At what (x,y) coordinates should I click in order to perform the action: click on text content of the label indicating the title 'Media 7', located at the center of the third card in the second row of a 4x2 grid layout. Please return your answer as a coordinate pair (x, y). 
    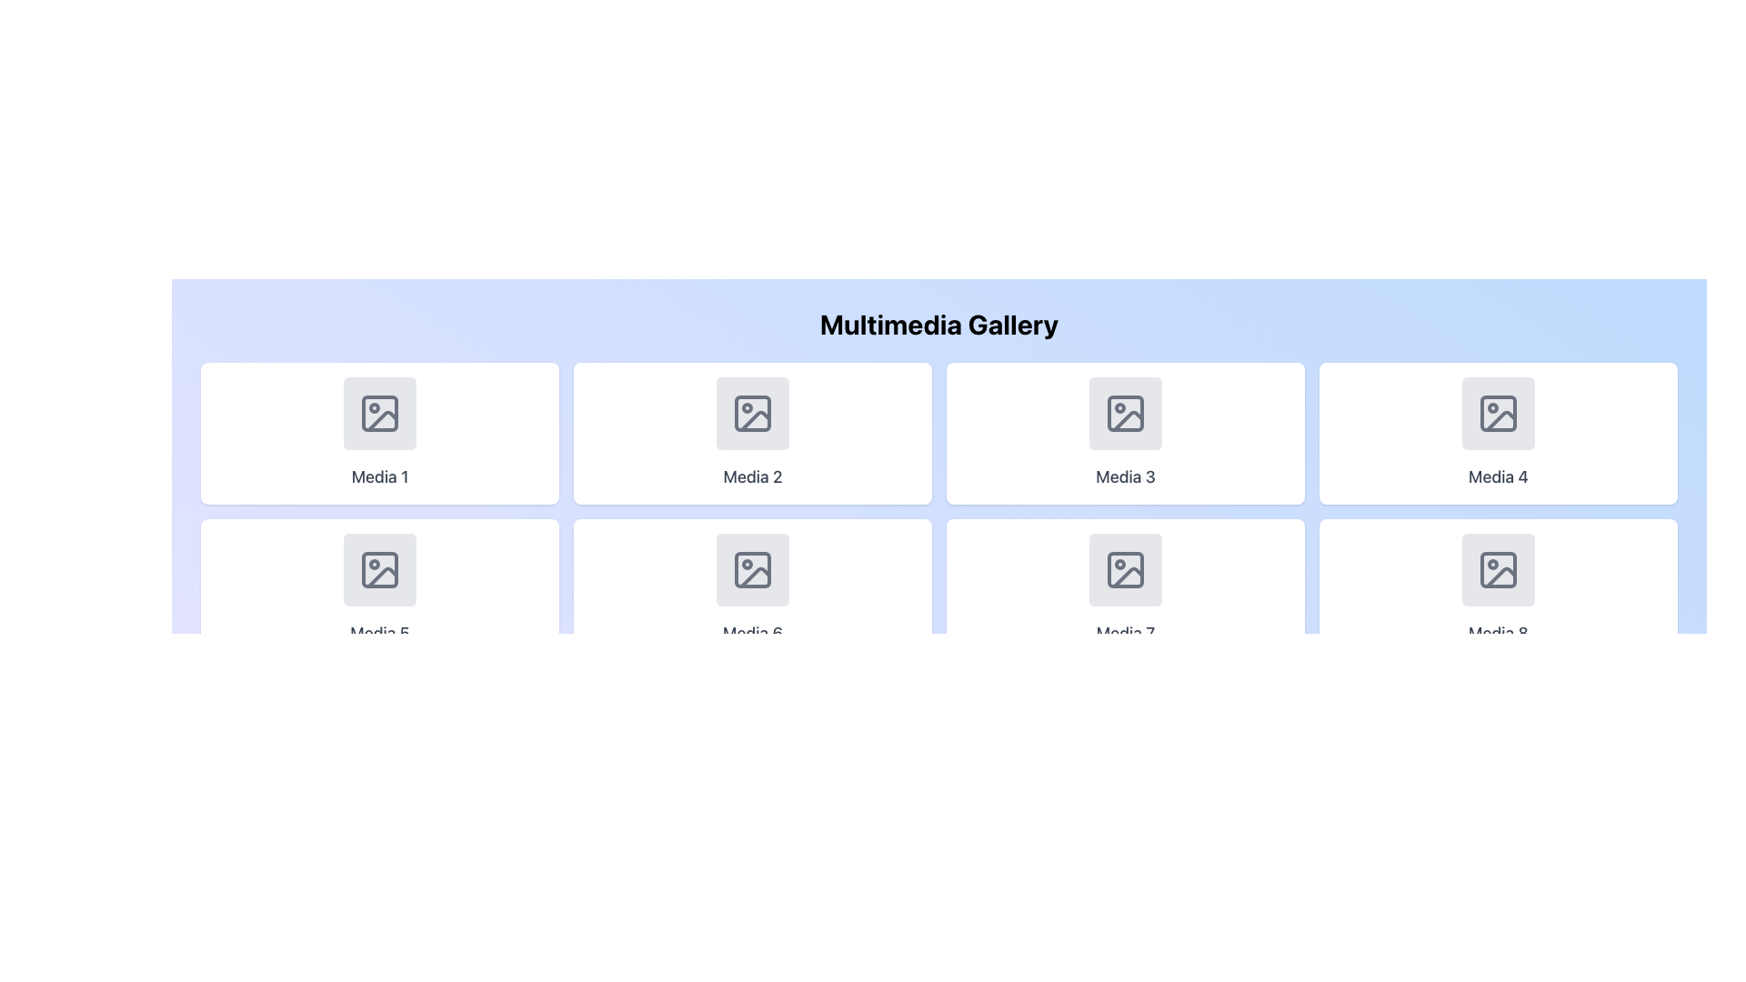
    Looking at the image, I should click on (1125, 633).